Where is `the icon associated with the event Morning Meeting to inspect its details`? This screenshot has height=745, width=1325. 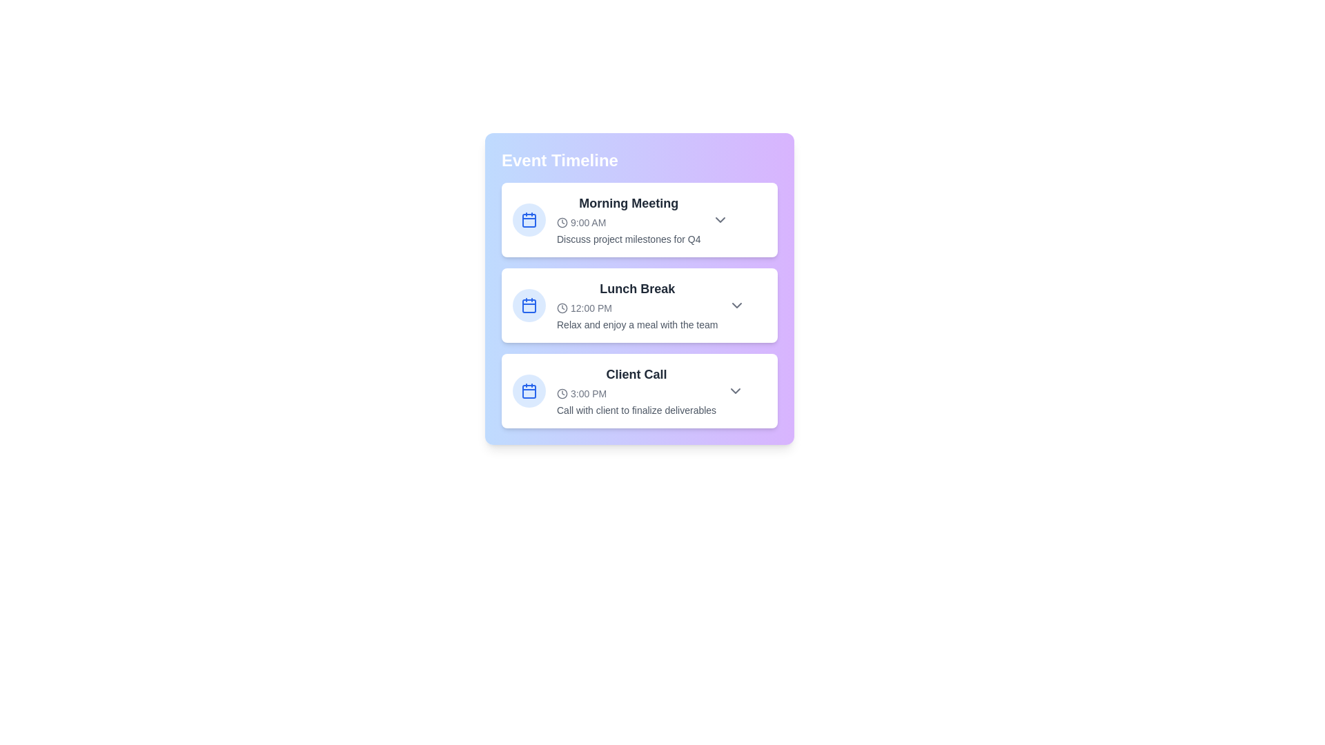 the icon associated with the event Morning Meeting to inspect its details is located at coordinates (529, 219).